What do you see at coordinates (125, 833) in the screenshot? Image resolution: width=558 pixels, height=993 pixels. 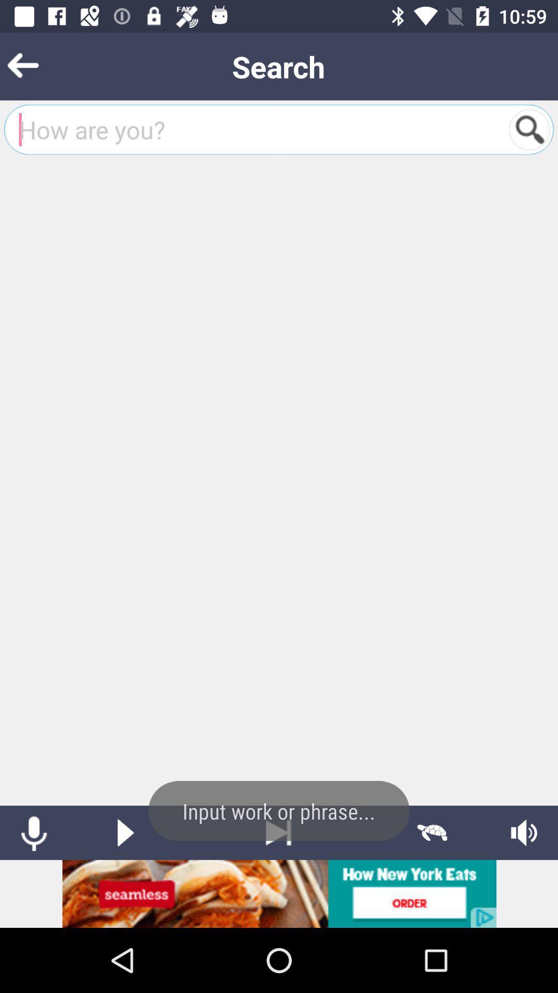 I see `play button` at bounding box center [125, 833].